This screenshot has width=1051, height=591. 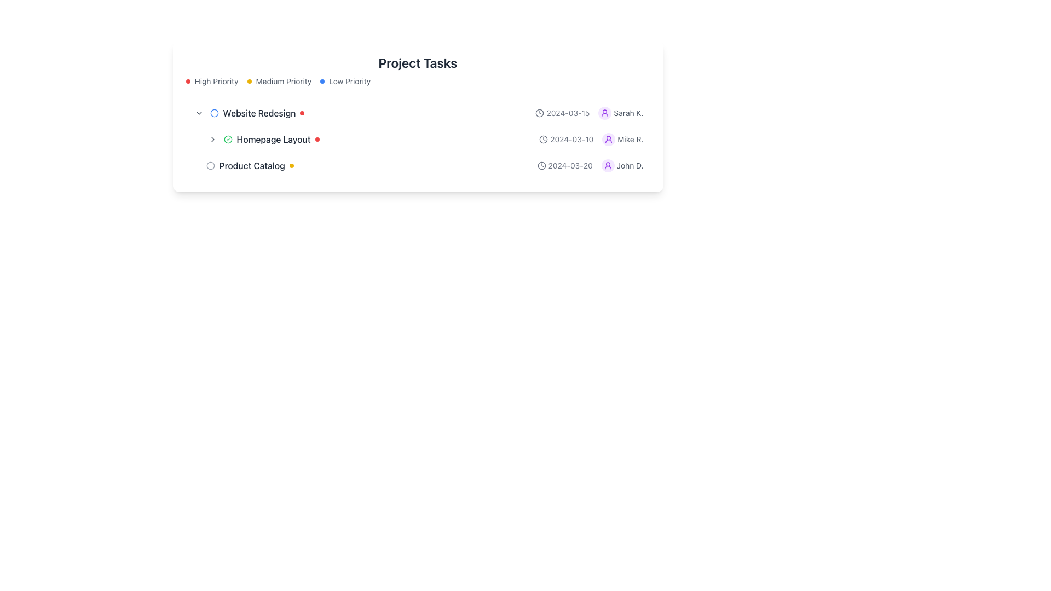 What do you see at coordinates (199, 113) in the screenshot?
I see `the downward-facing chevron icon next to the 'Website Redesign' text` at bounding box center [199, 113].